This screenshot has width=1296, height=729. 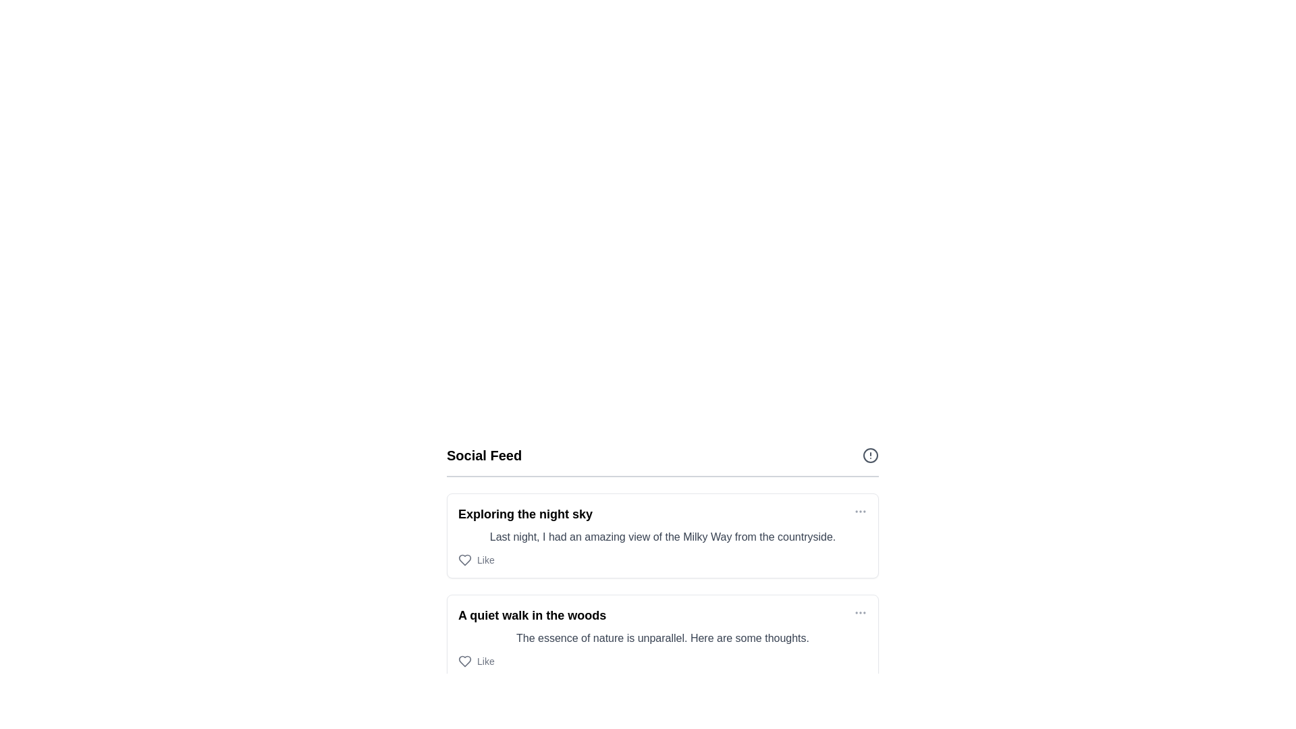 What do you see at coordinates (476, 660) in the screenshot?
I see `the interactive button located in the bottom-left corner of the card titled 'A quiet walk in the woods' to express appreciation for the content of the post` at bounding box center [476, 660].